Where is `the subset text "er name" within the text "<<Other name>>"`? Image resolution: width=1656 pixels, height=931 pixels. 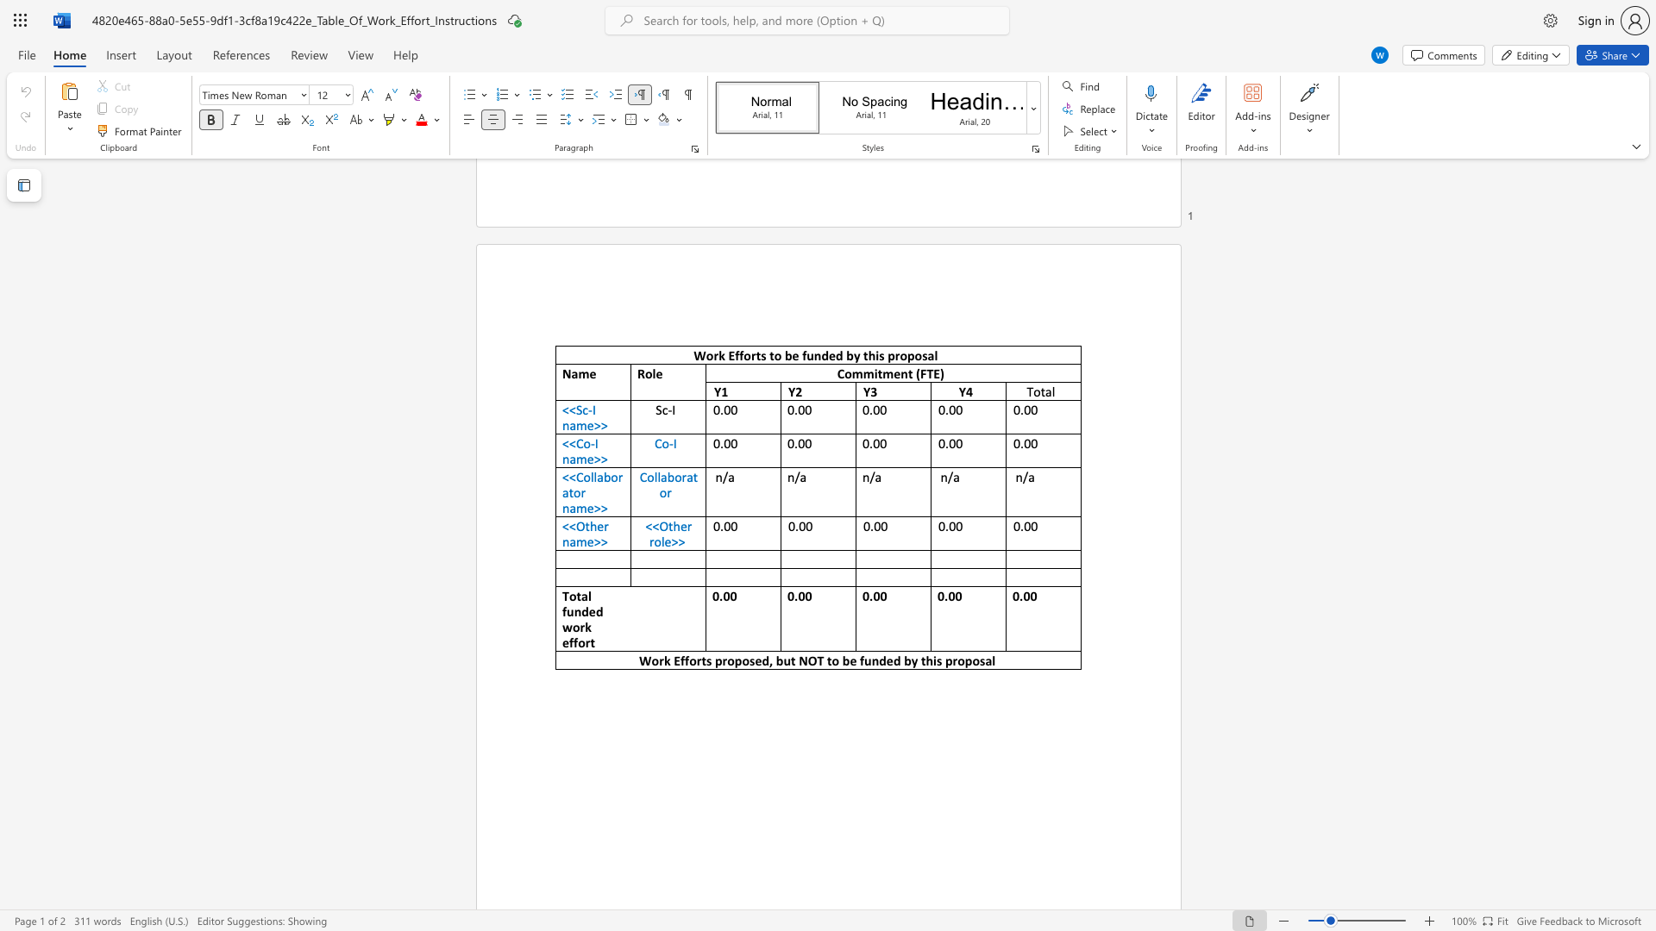
the subset text "er name" within the text "<<Other name>>" is located at coordinates (597, 525).